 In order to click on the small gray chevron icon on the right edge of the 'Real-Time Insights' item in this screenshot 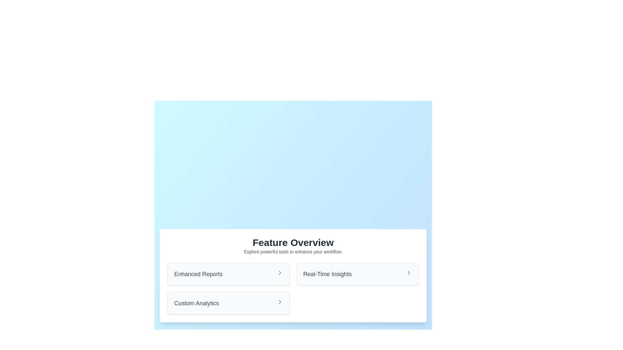, I will do `click(408, 273)`.